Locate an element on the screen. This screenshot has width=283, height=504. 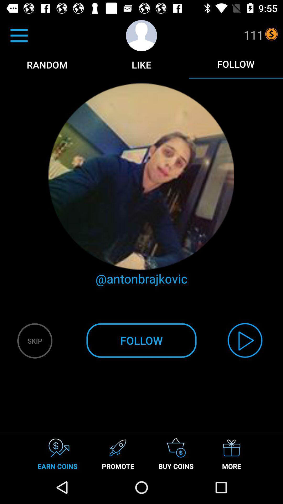
the play icon is located at coordinates (245, 340).